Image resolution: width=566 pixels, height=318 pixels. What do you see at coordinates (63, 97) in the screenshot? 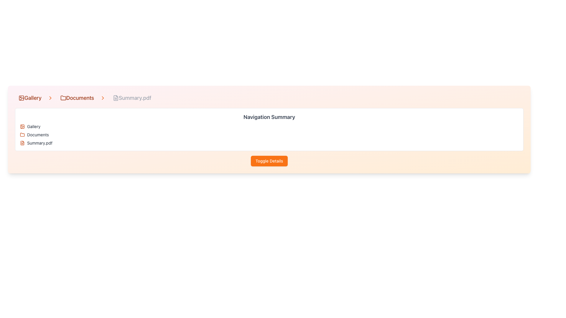
I see `the orange folder icon located to the left of the 'Documents' text in the breadcrumb navigation bar` at bounding box center [63, 97].